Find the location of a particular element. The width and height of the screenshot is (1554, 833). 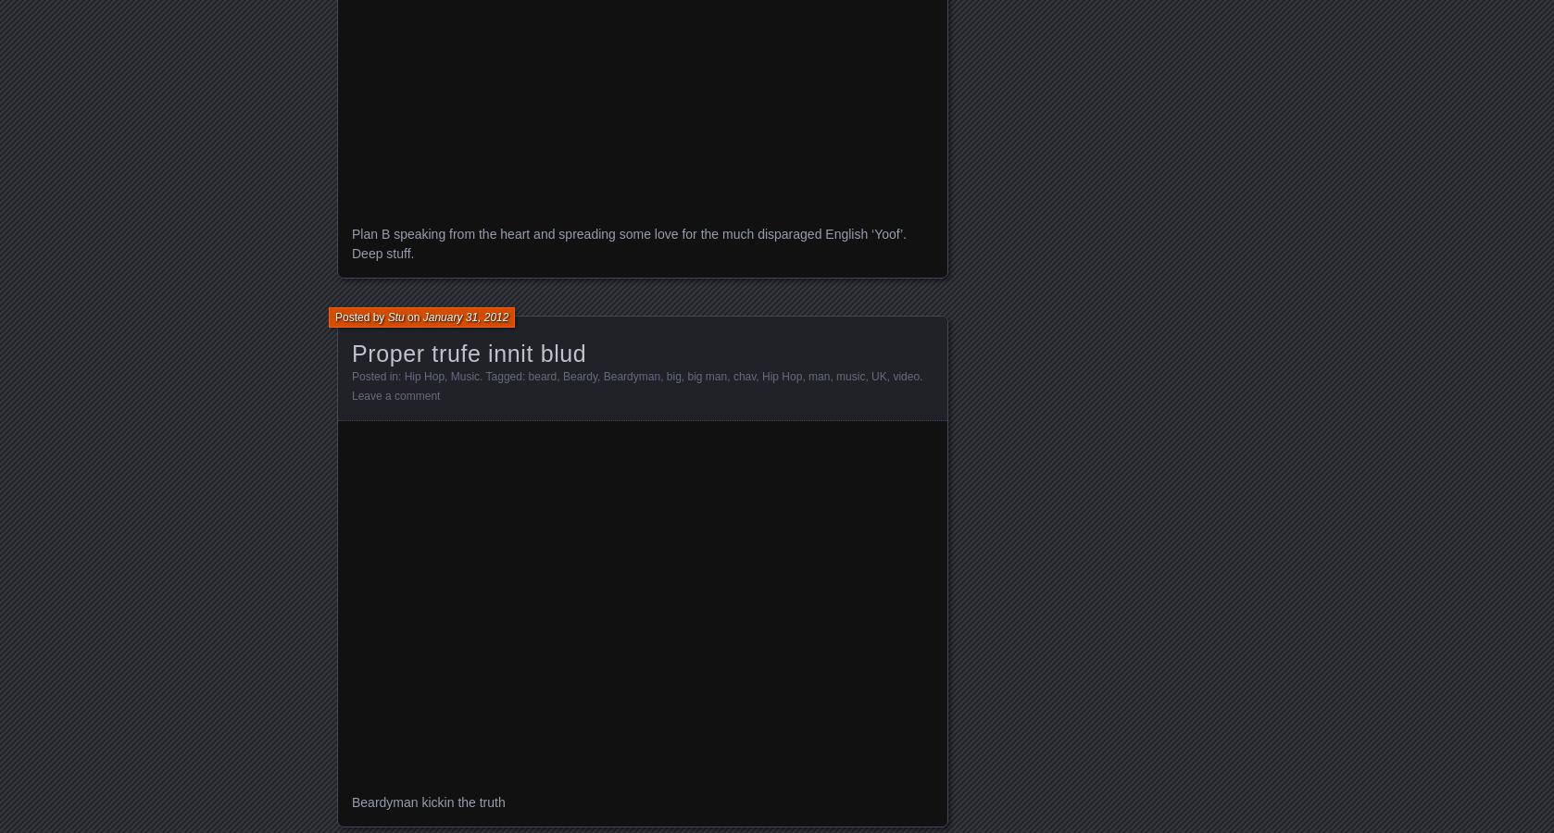

'Posted in:' is located at coordinates (377, 376).